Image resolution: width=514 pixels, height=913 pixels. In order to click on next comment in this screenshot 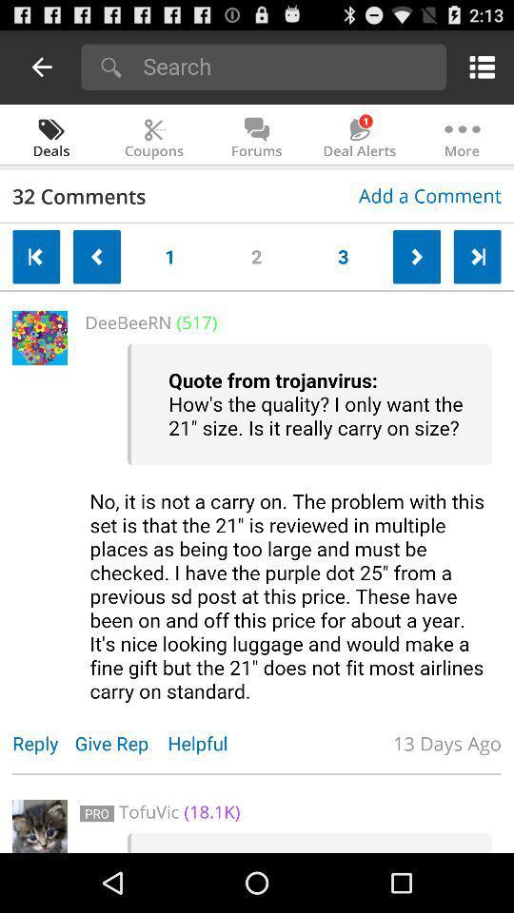, I will do `click(416, 256)`.